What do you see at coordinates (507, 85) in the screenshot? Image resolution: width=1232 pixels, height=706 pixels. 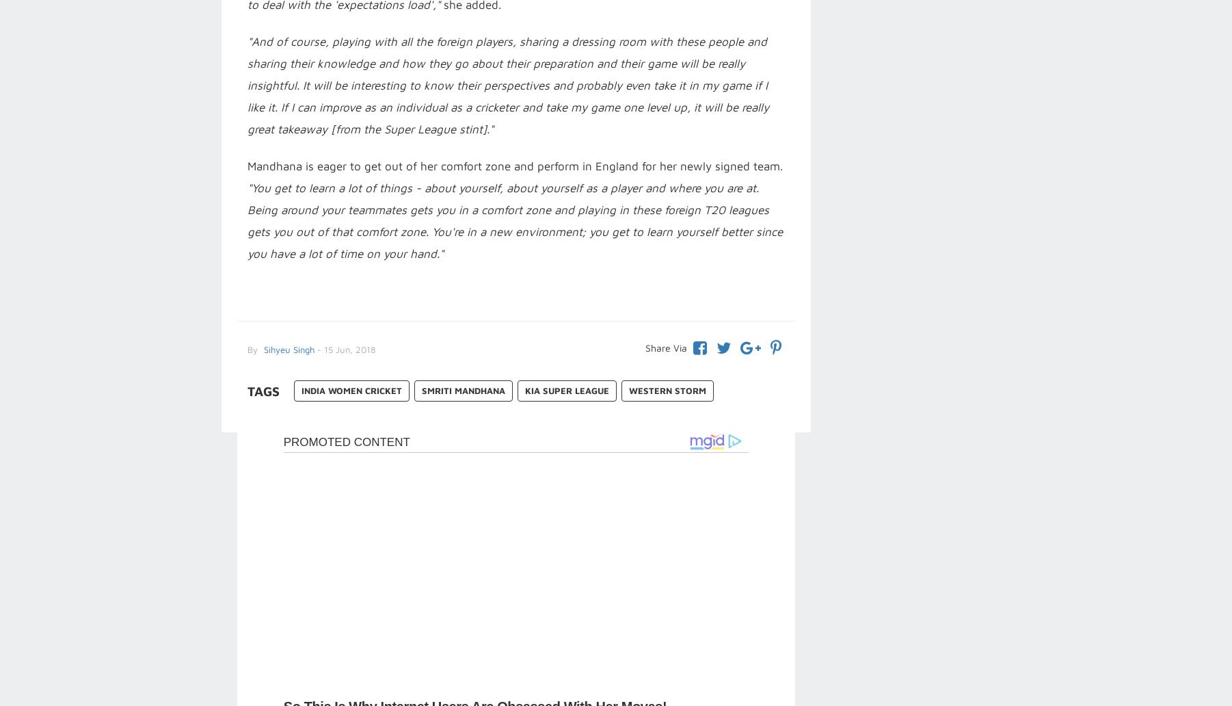 I see `'"And of course, playing with all the foreign players, sharing a dressing room with these people and sharing their knowledge and how they go about their preparation and their game will be really insightful. It will be interesting to know their perspectives and probably even take it in my game if I like it. If I can improve as an individual as a cricketer and take my game one level up, it will be really great takeaway [from the Super League stint]."'` at bounding box center [507, 85].